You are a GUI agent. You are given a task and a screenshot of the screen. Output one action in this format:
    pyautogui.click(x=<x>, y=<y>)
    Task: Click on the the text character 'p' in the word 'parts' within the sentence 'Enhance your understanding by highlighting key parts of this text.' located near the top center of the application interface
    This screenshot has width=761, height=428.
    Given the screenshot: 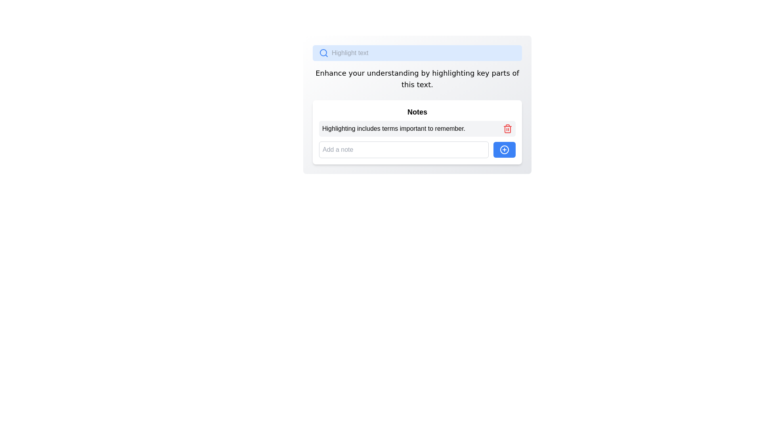 What is the action you would take?
    pyautogui.click(x=493, y=73)
    